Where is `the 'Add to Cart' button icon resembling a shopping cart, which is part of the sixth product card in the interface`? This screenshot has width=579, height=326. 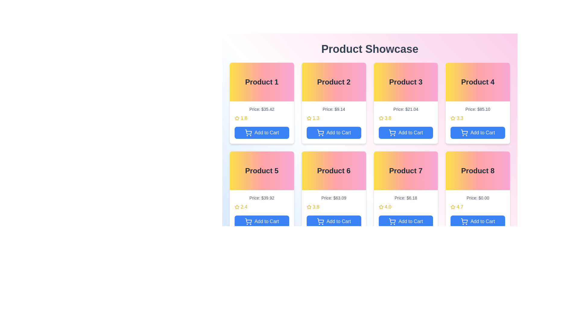
the 'Add to Cart' button icon resembling a shopping cart, which is part of the sixth product card in the interface is located at coordinates (320, 221).